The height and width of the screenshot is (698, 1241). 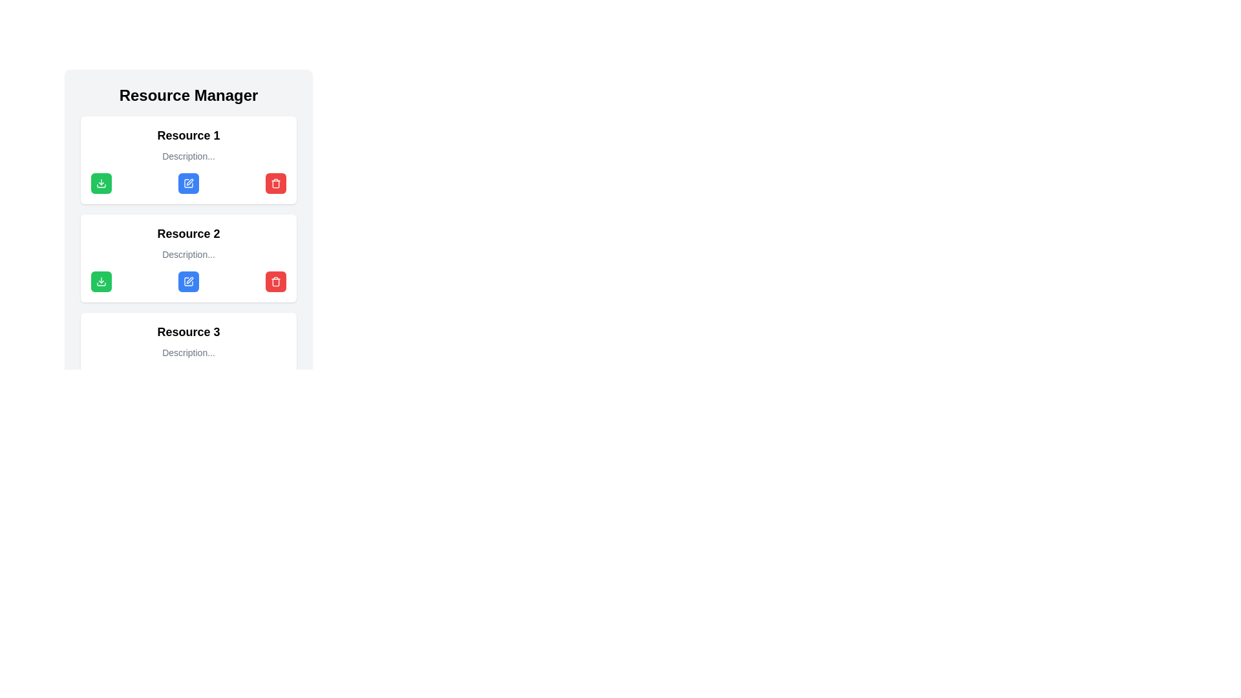 What do you see at coordinates (275, 674) in the screenshot?
I see `the delete button located in the 'Resource 3' section, which is the third button in a horizontal group, positioned to the far right adjacent to the edit and download buttons` at bounding box center [275, 674].